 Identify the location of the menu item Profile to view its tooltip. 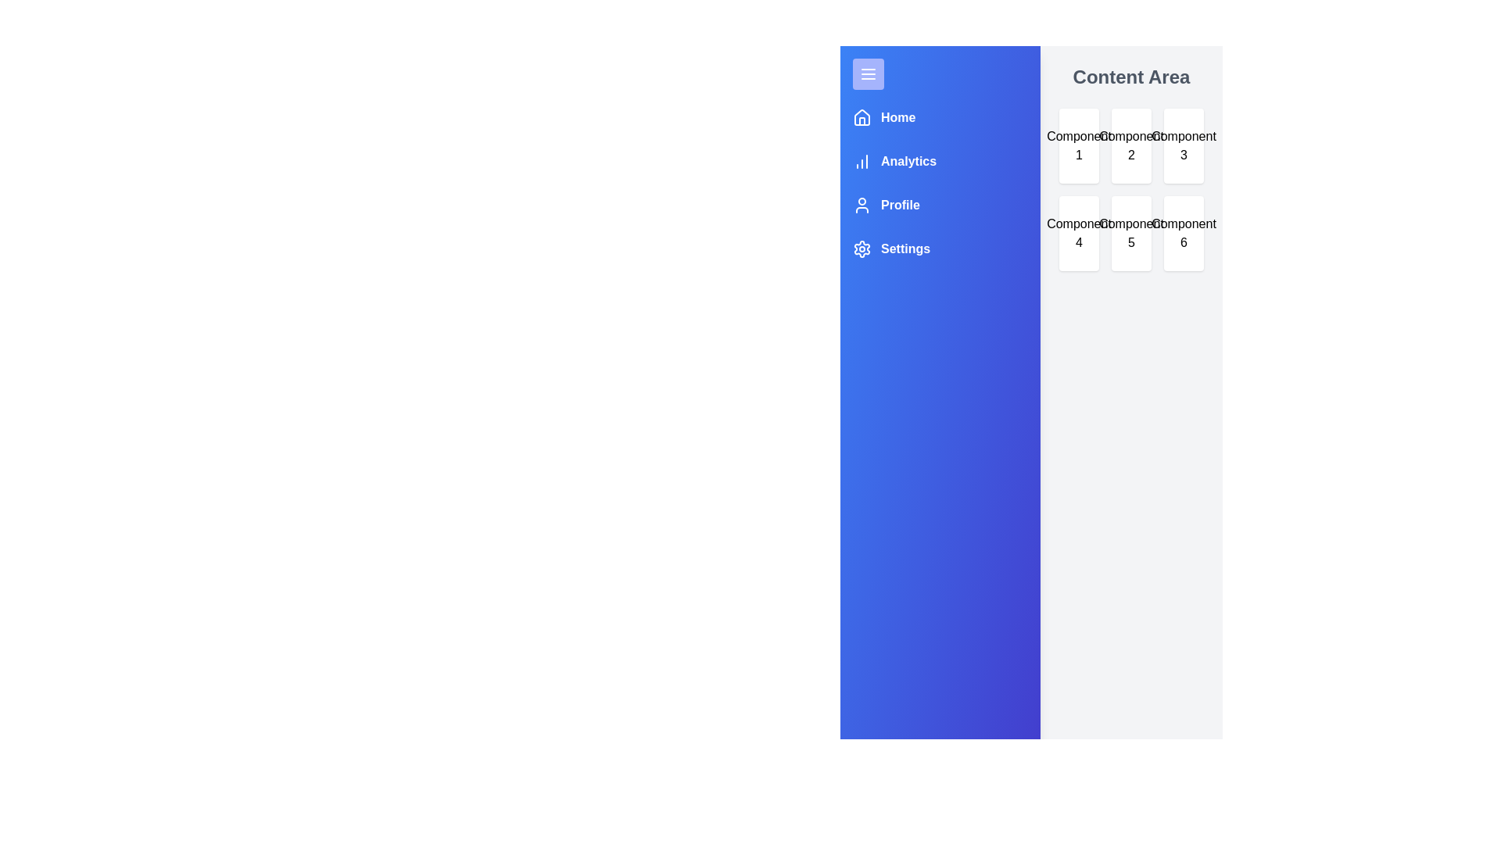
(886, 204).